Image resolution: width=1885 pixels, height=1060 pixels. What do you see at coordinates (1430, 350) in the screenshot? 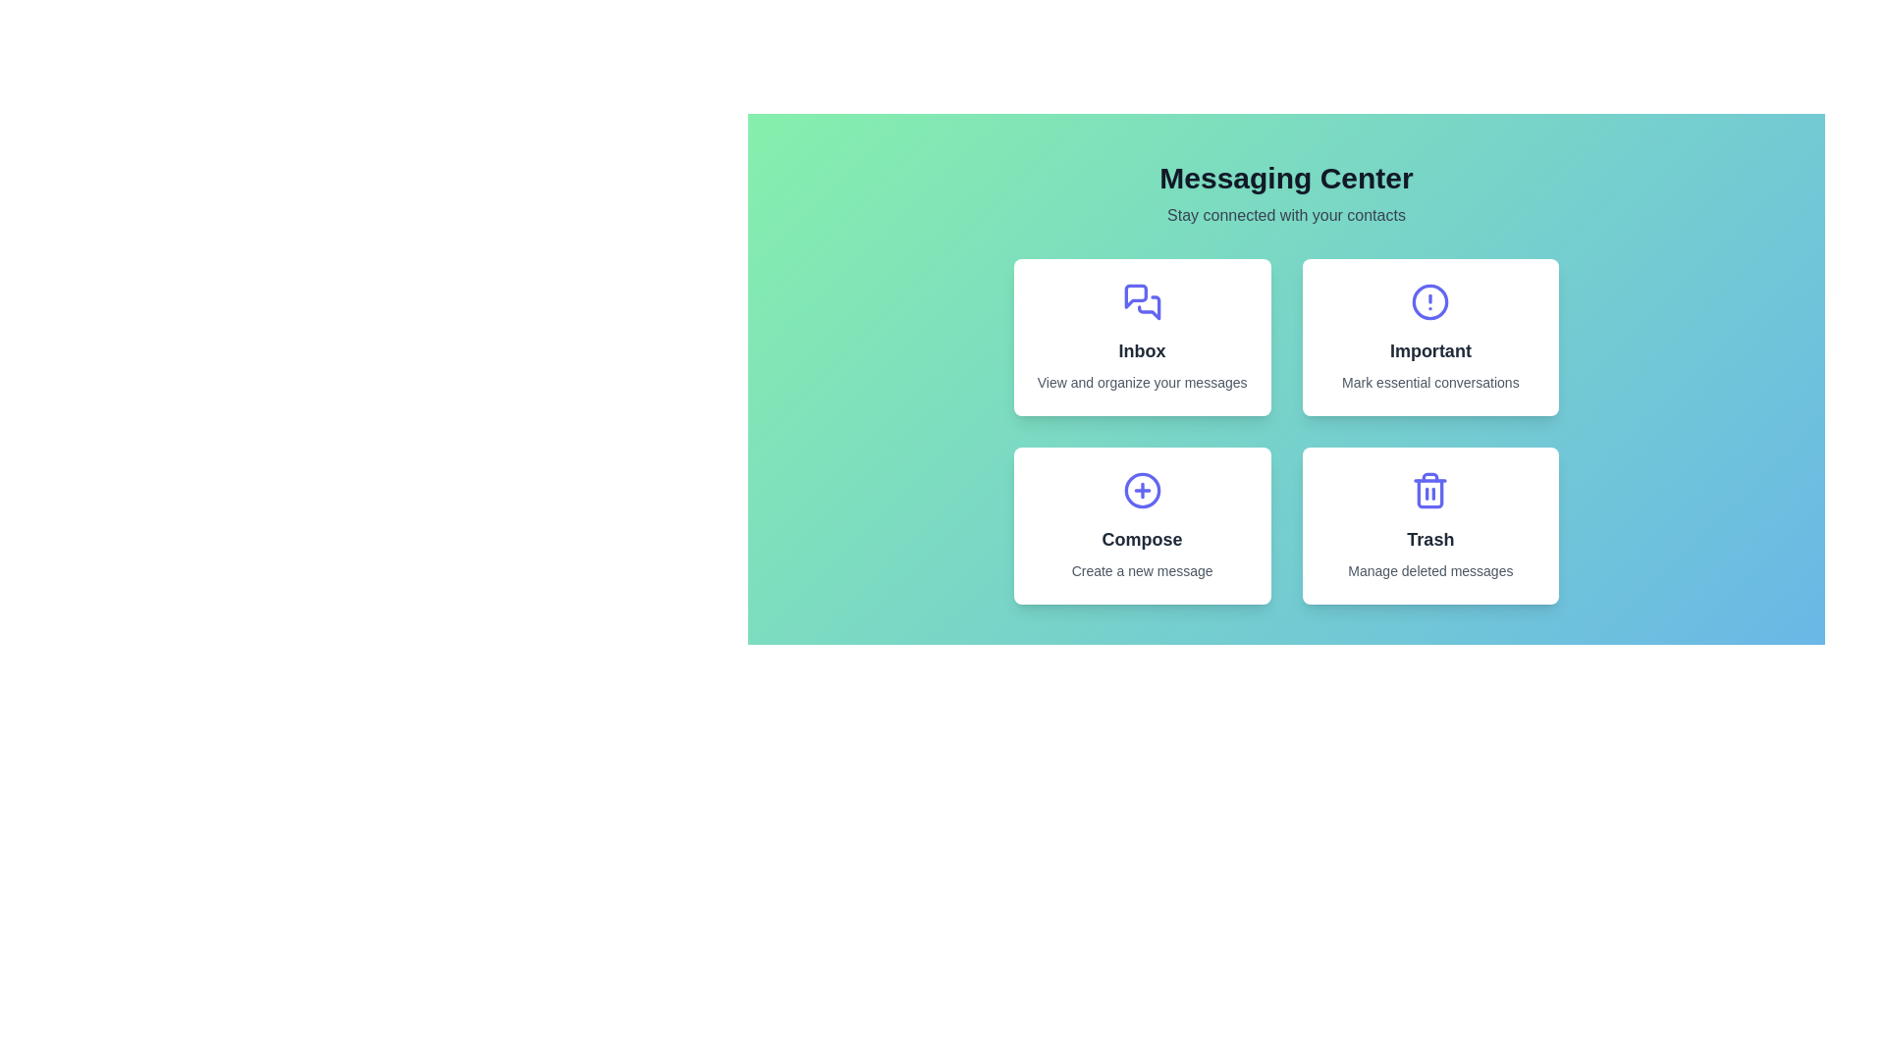
I see `the static text label displaying 'Important' which is styled in bold and slightly larger font, located within the card at the top-right of the layout` at bounding box center [1430, 350].